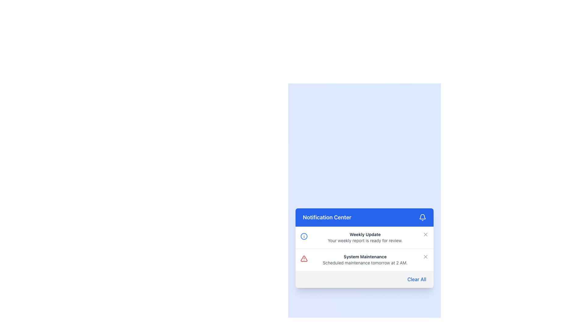  What do you see at coordinates (365, 256) in the screenshot?
I see `the 'System Maintenance' text label which serves as the title for a notification message in the Notification Center interface` at bounding box center [365, 256].